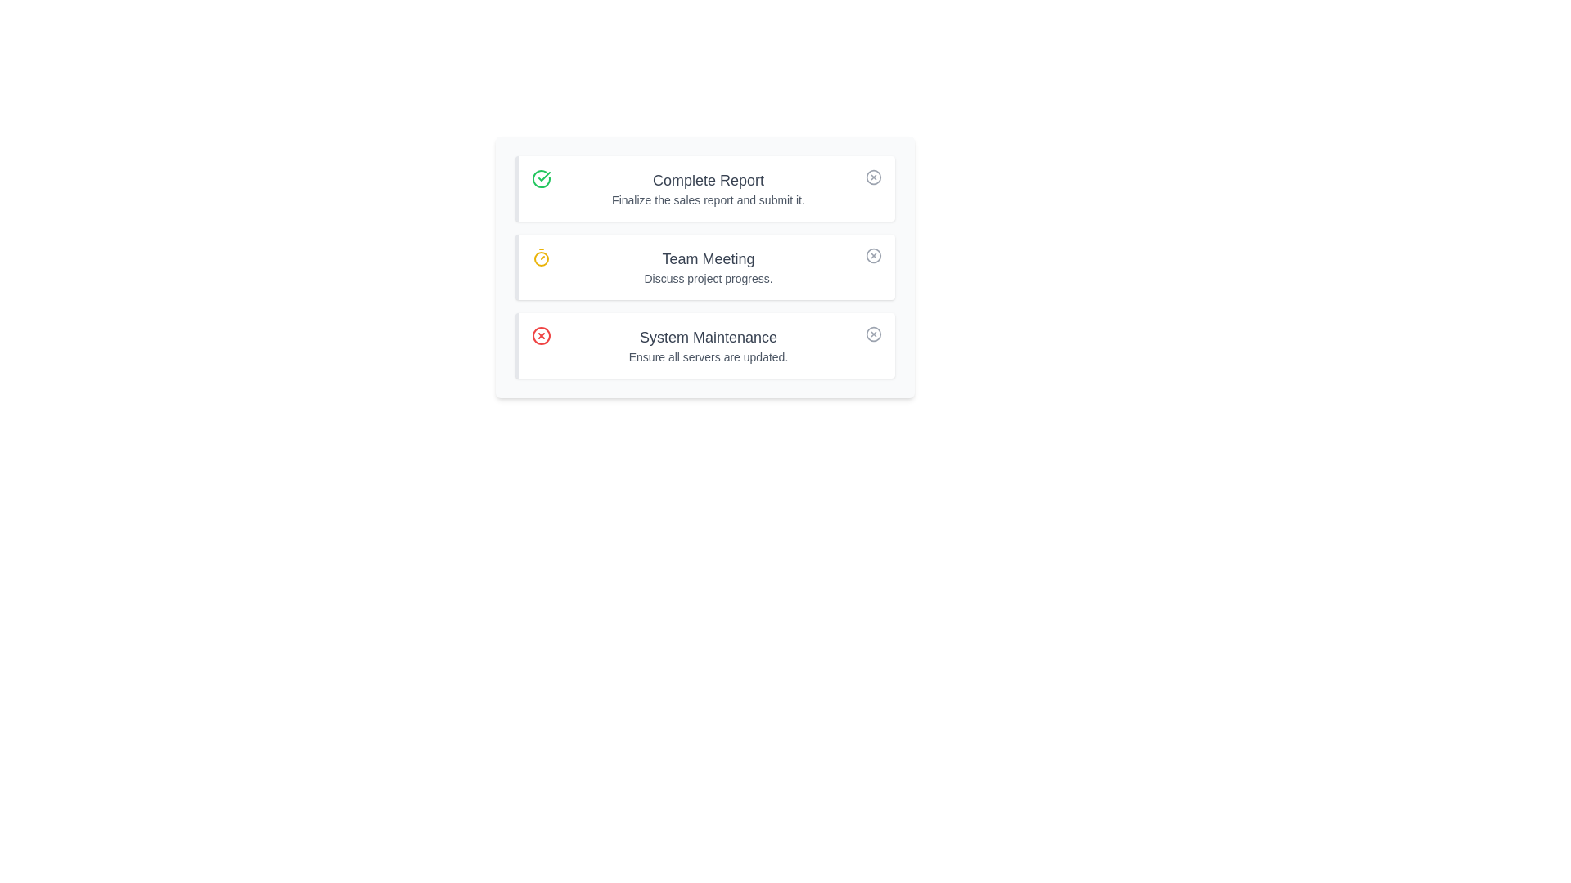 Image resolution: width=1571 pixels, height=883 pixels. What do you see at coordinates (705, 345) in the screenshot?
I see `the task titled System Maintenance to emphasize its details` at bounding box center [705, 345].